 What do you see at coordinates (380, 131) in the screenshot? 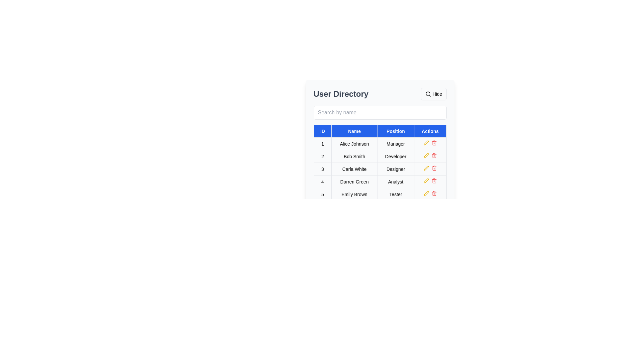
I see `text content of the Table Header Row, which includes labels for 'ID', 'Name', 'Position', and 'Actions'` at bounding box center [380, 131].